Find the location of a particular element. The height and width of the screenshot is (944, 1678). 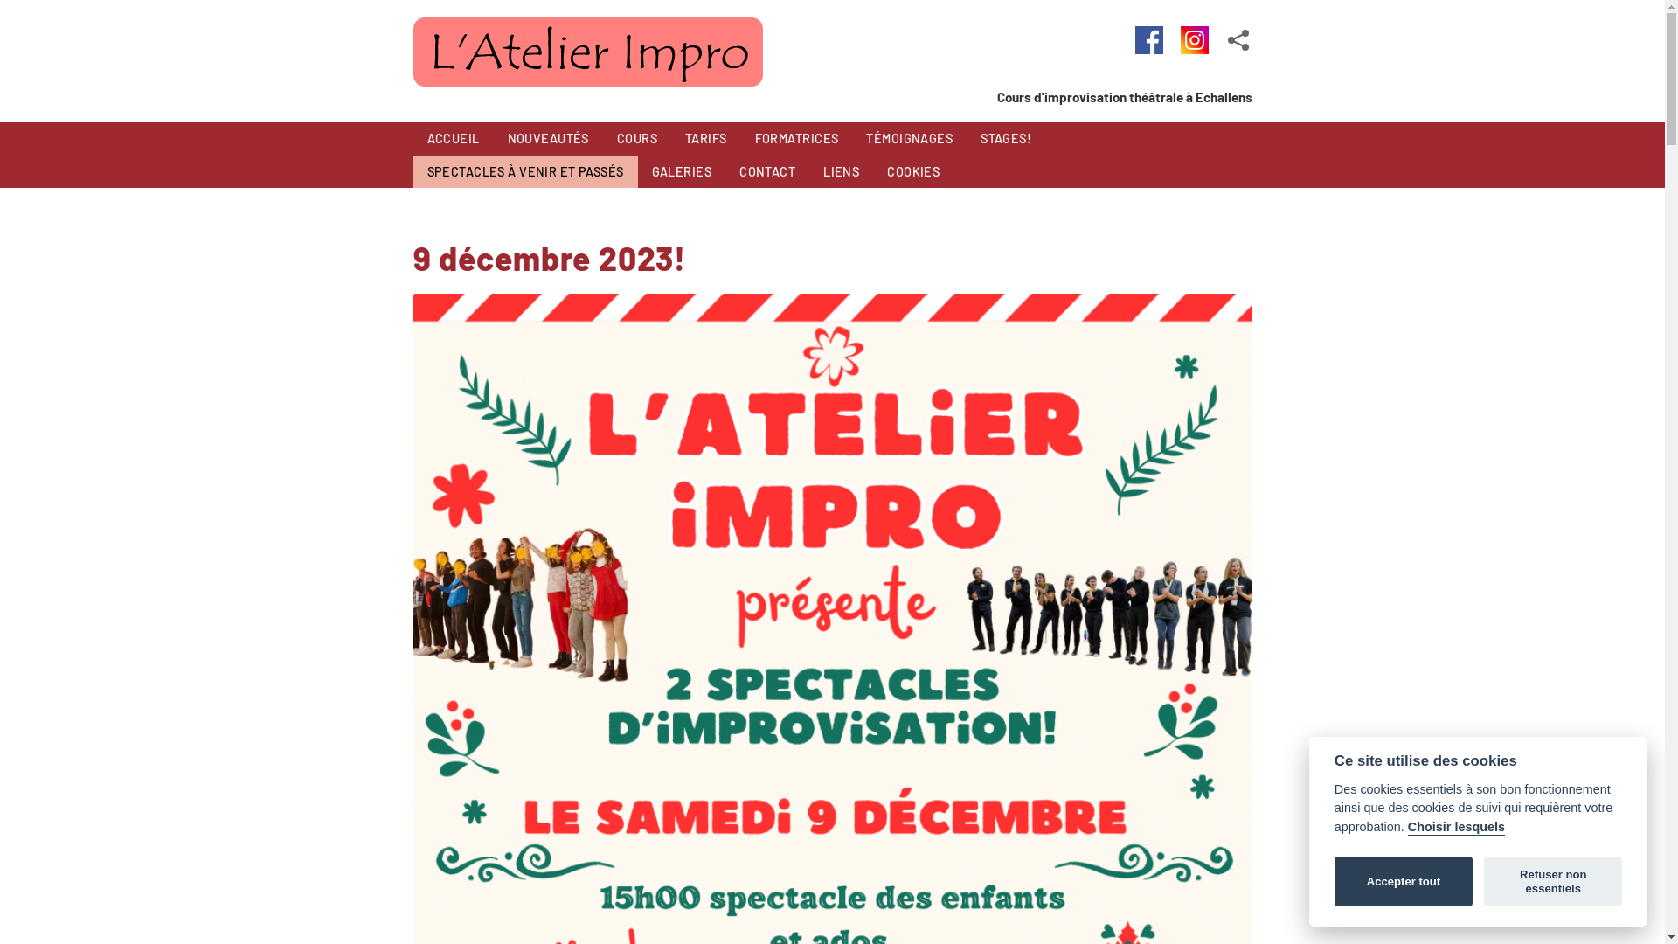

'STAGES!' is located at coordinates (965, 137).